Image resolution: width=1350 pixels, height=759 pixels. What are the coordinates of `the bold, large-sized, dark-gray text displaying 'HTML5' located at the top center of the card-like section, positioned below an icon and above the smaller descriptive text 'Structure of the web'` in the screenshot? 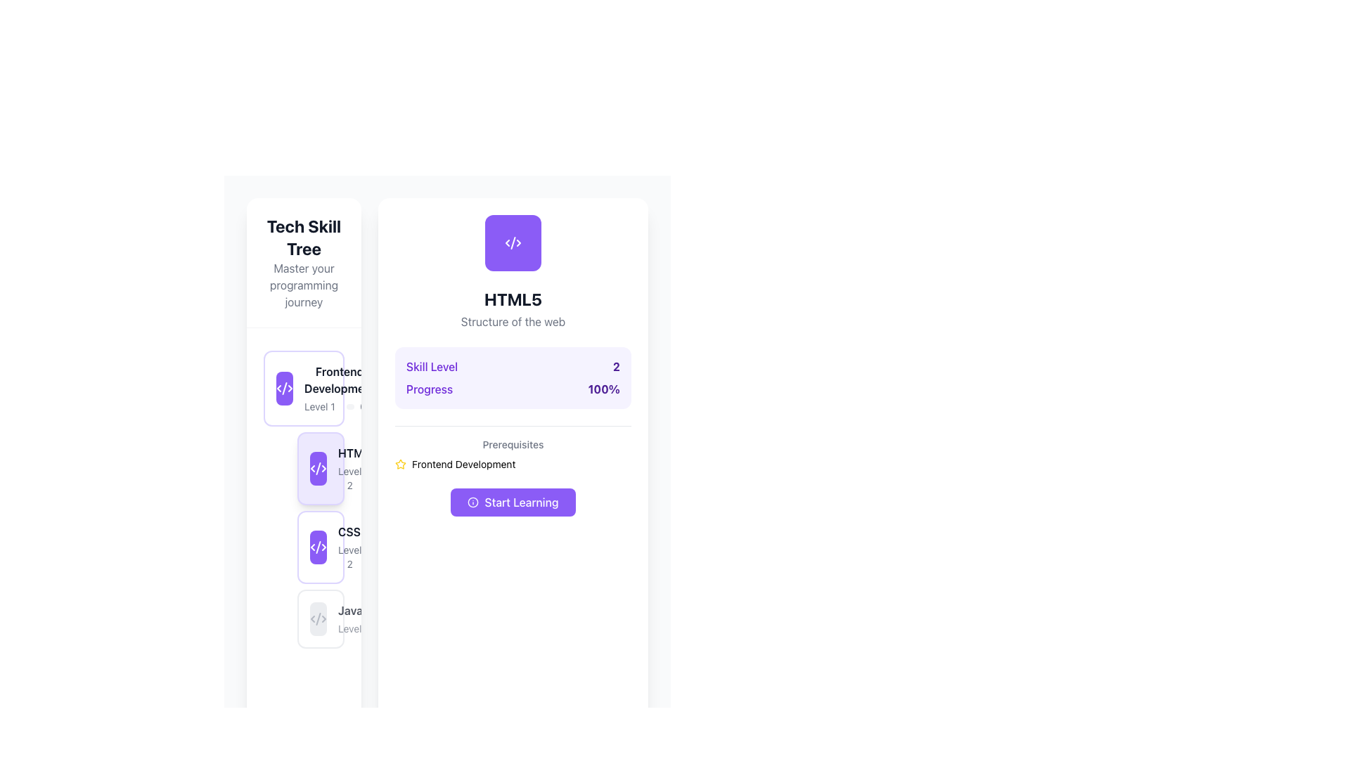 It's located at (512, 298).